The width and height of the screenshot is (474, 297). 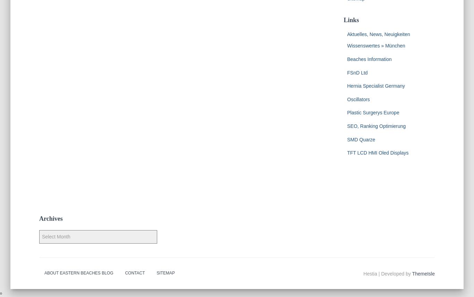 What do you see at coordinates (358, 98) in the screenshot?
I see `'Oscillators'` at bounding box center [358, 98].